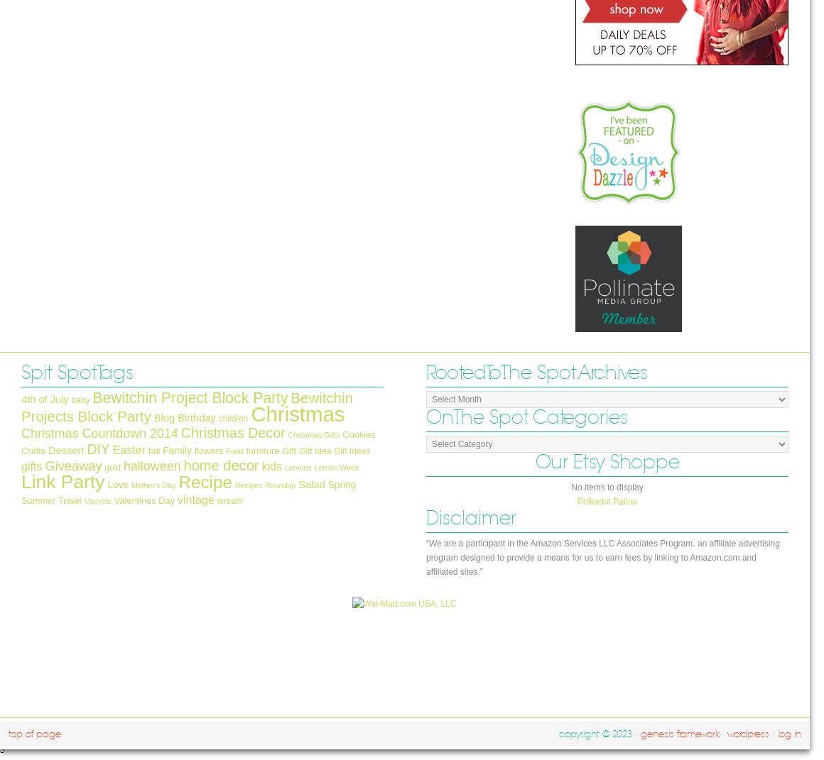 The width and height of the screenshot is (824, 760). I want to click on 'On The Spot Categories', so click(527, 417).